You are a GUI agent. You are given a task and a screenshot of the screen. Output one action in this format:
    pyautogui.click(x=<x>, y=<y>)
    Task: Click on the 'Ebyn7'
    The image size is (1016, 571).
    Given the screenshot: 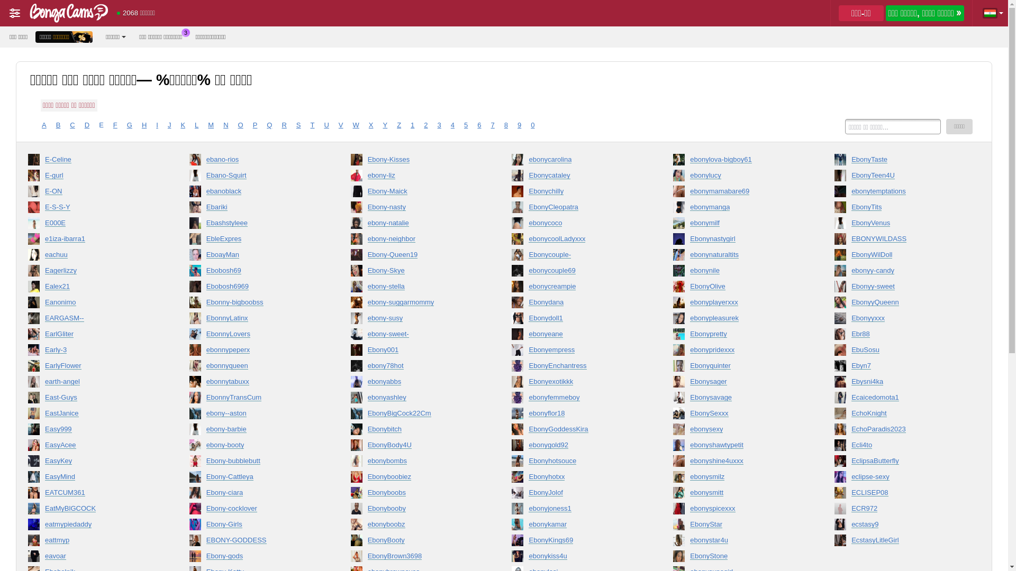 What is the action you would take?
    pyautogui.click(x=899, y=367)
    